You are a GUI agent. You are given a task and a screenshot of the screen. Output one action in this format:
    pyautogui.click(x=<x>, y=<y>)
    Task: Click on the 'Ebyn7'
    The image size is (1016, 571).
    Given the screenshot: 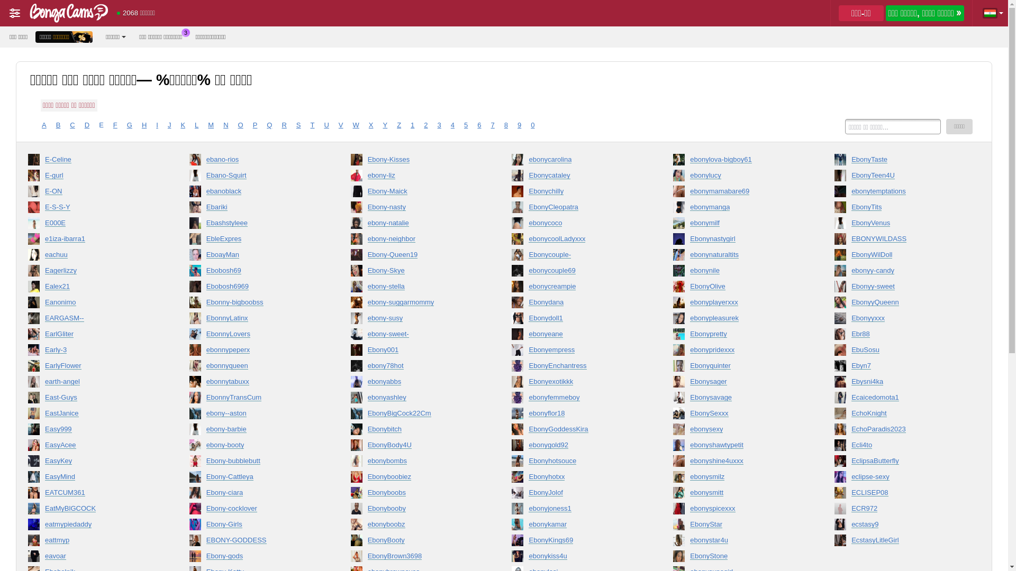 What is the action you would take?
    pyautogui.click(x=899, y=367)
    